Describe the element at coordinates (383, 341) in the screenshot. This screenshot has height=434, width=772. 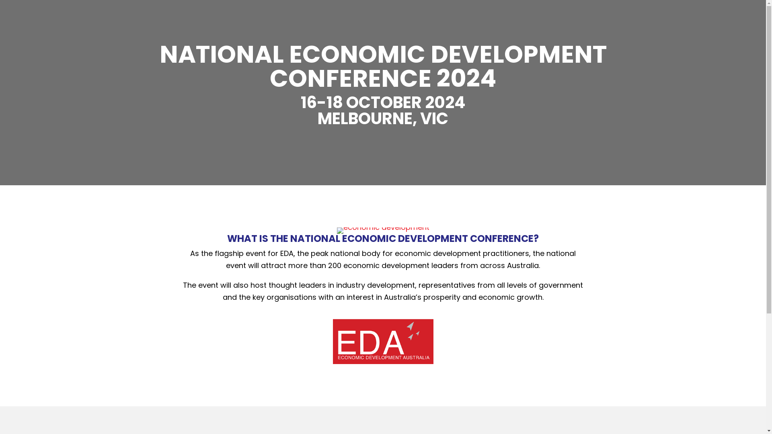
I see `'economic development'` at that location.